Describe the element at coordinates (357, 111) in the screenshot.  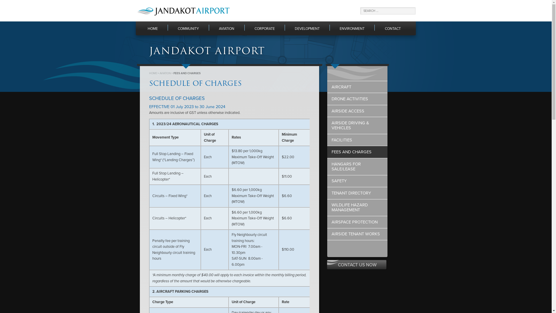
I see `'AIRSIDE ACCESS'` at that location.